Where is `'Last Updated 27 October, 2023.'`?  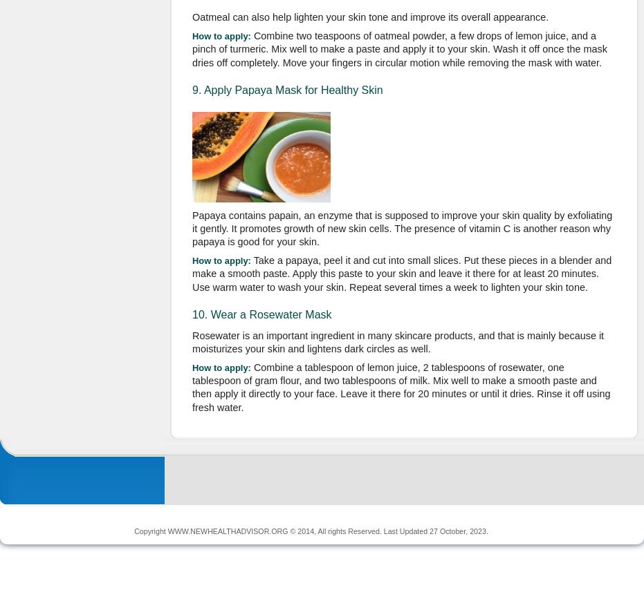 'Last Updated 27 October, 2023.' is located at coordinates (435, 529).